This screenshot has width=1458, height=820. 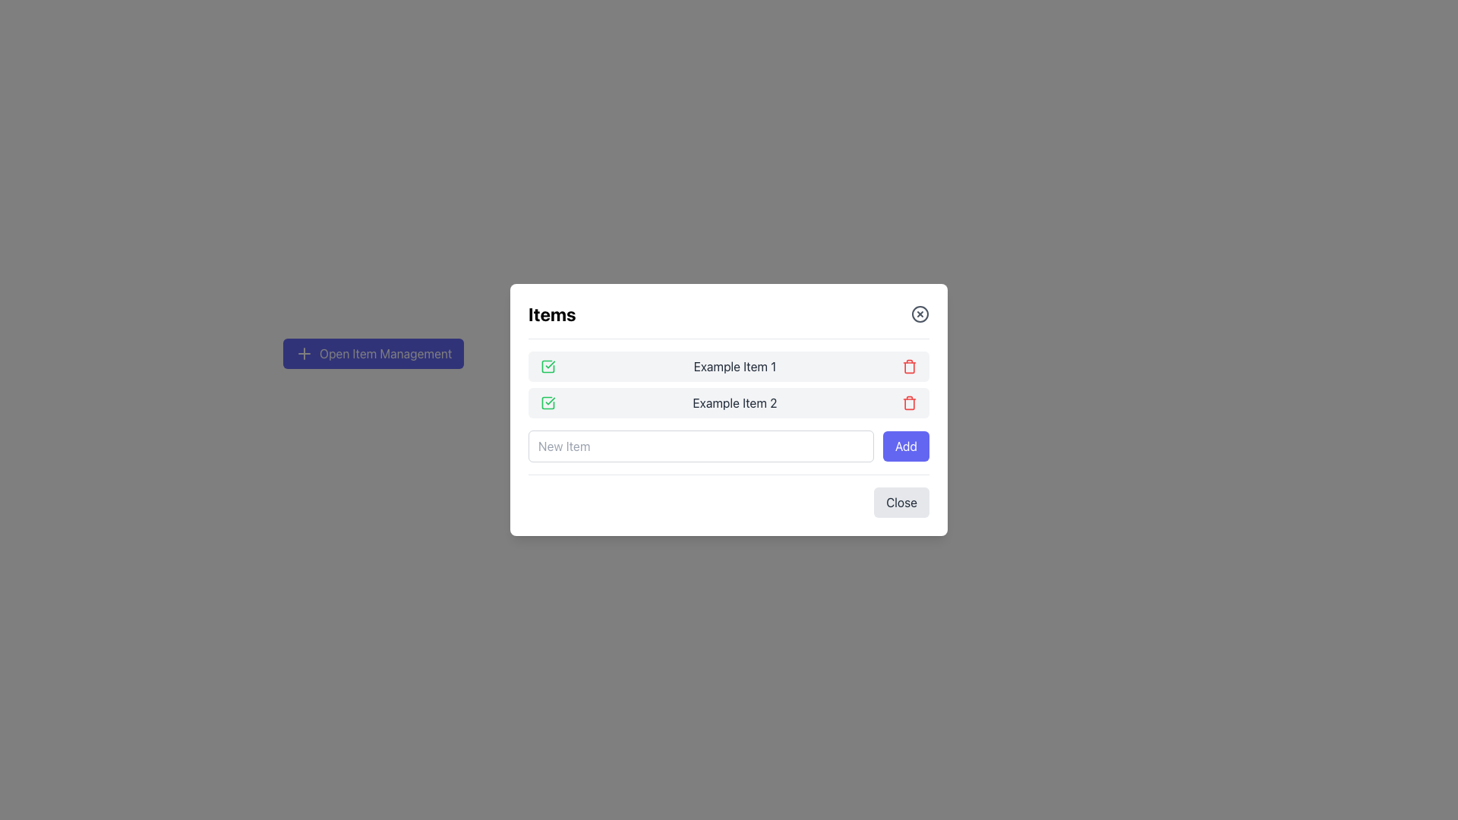 I want to click on the close button located at the top-right corner of the 'Items' card, so click(x=919, y=313).